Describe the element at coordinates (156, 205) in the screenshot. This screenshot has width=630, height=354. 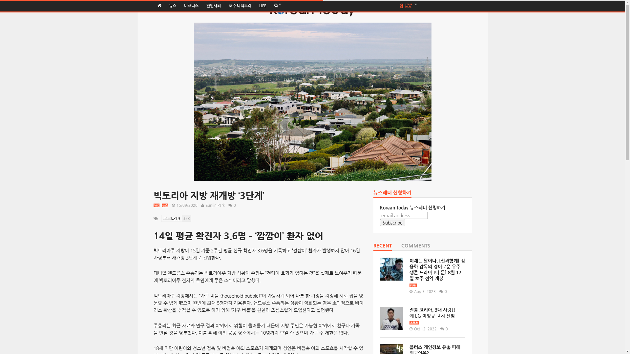
I see `'VIC'` at that location.